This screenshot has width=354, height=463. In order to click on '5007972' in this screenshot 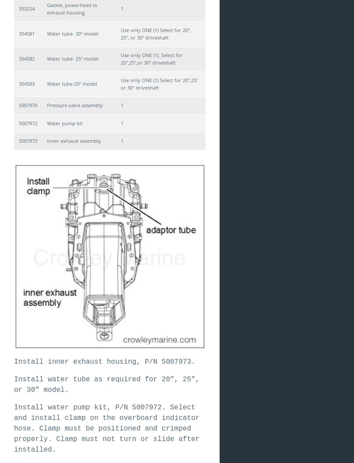, I will do `click(28, 122)`.